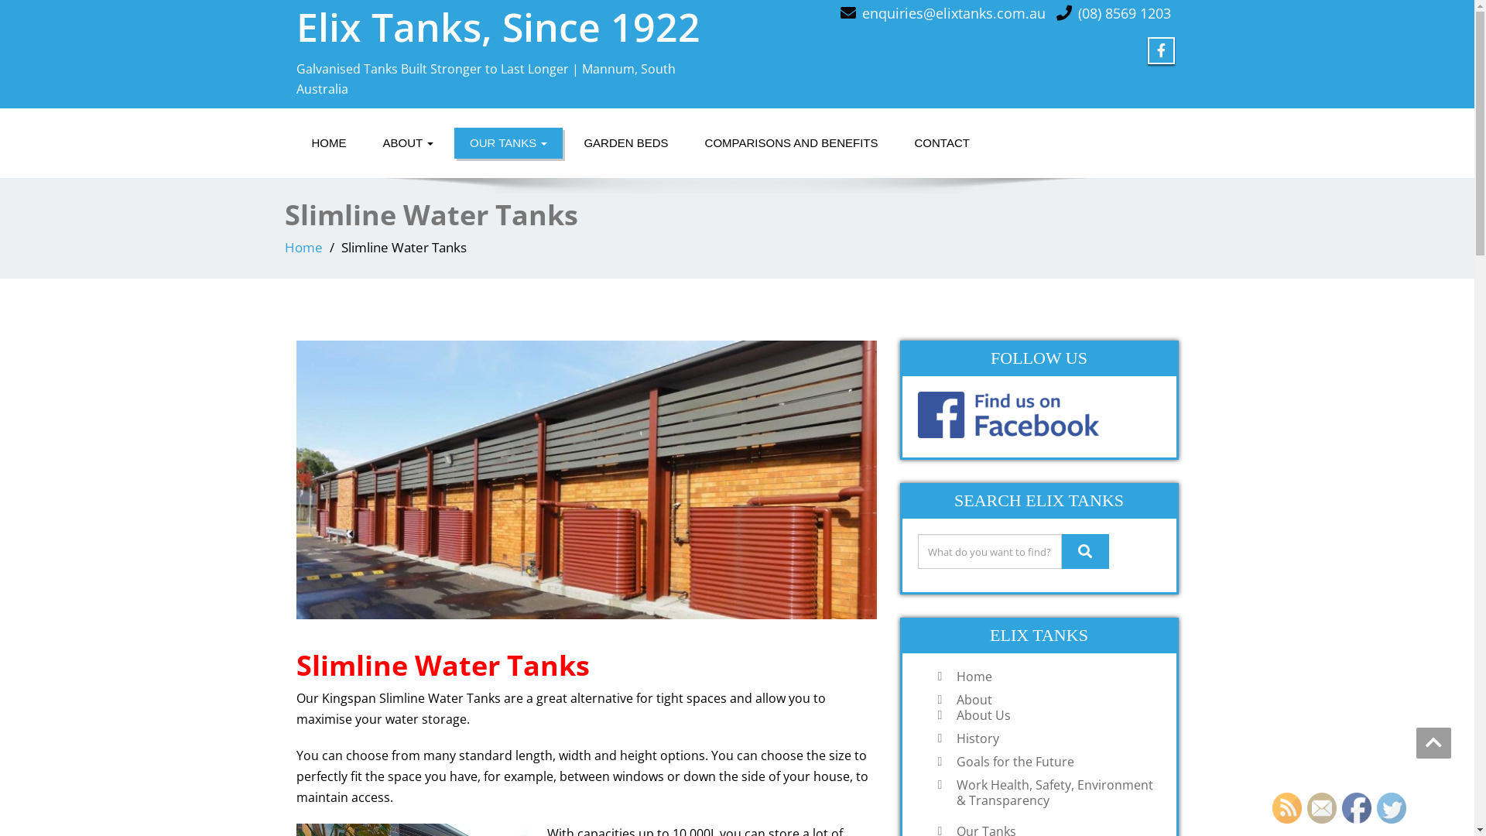  What do you see at coordinates (1054, 760) in the screenshot?
I see `'Goals for the Future'` at bounding box center [1054, 760].